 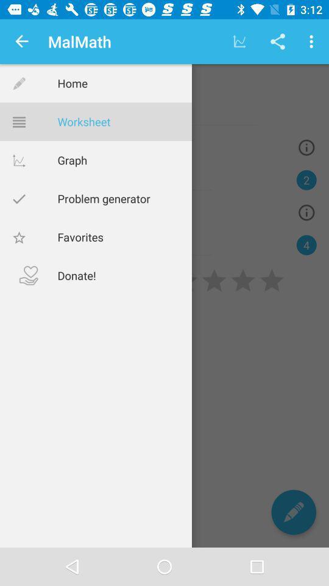 I want to click on the edit icon, so click(x=293, y=512).